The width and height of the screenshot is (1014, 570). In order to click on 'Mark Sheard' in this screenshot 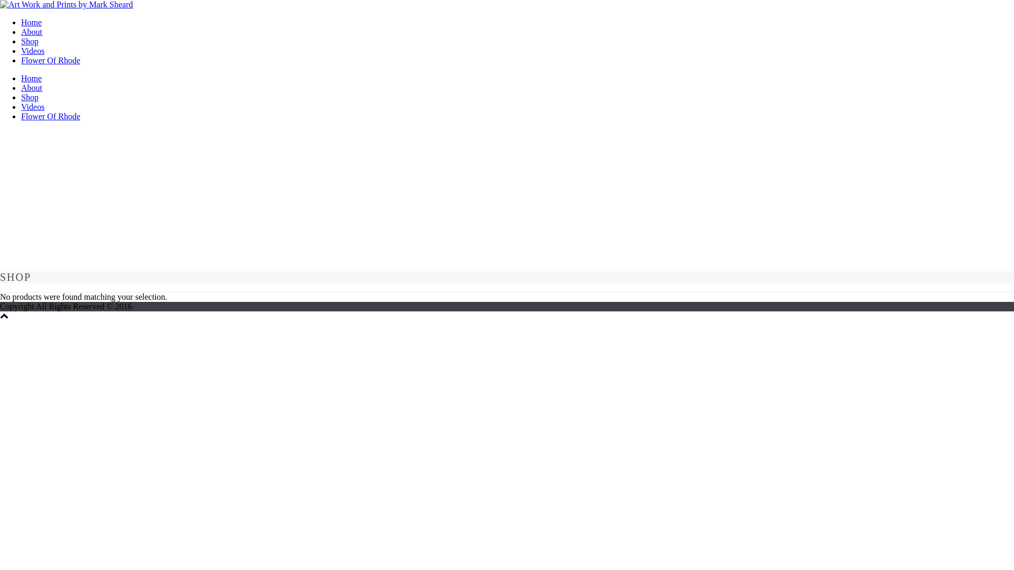, I will do `click(0, 4)`.